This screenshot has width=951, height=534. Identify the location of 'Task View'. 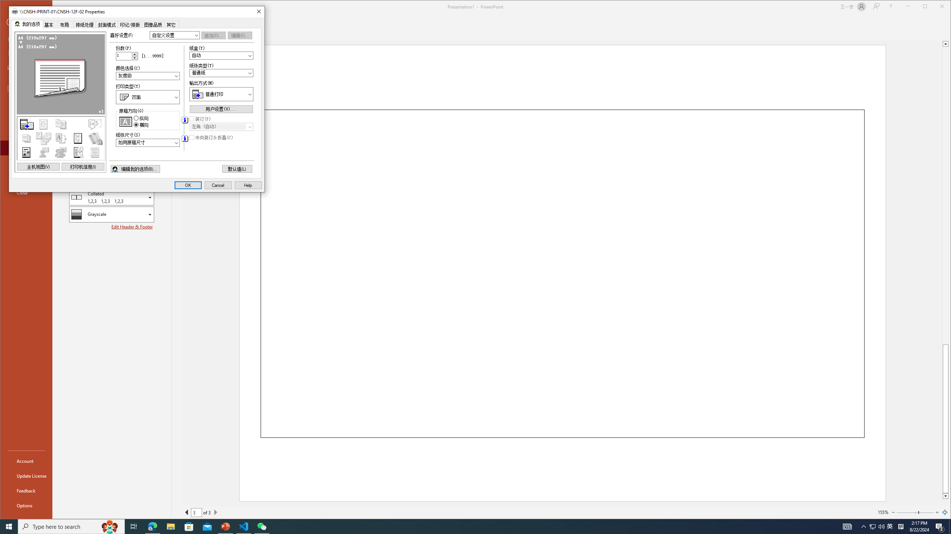
(133, 526).